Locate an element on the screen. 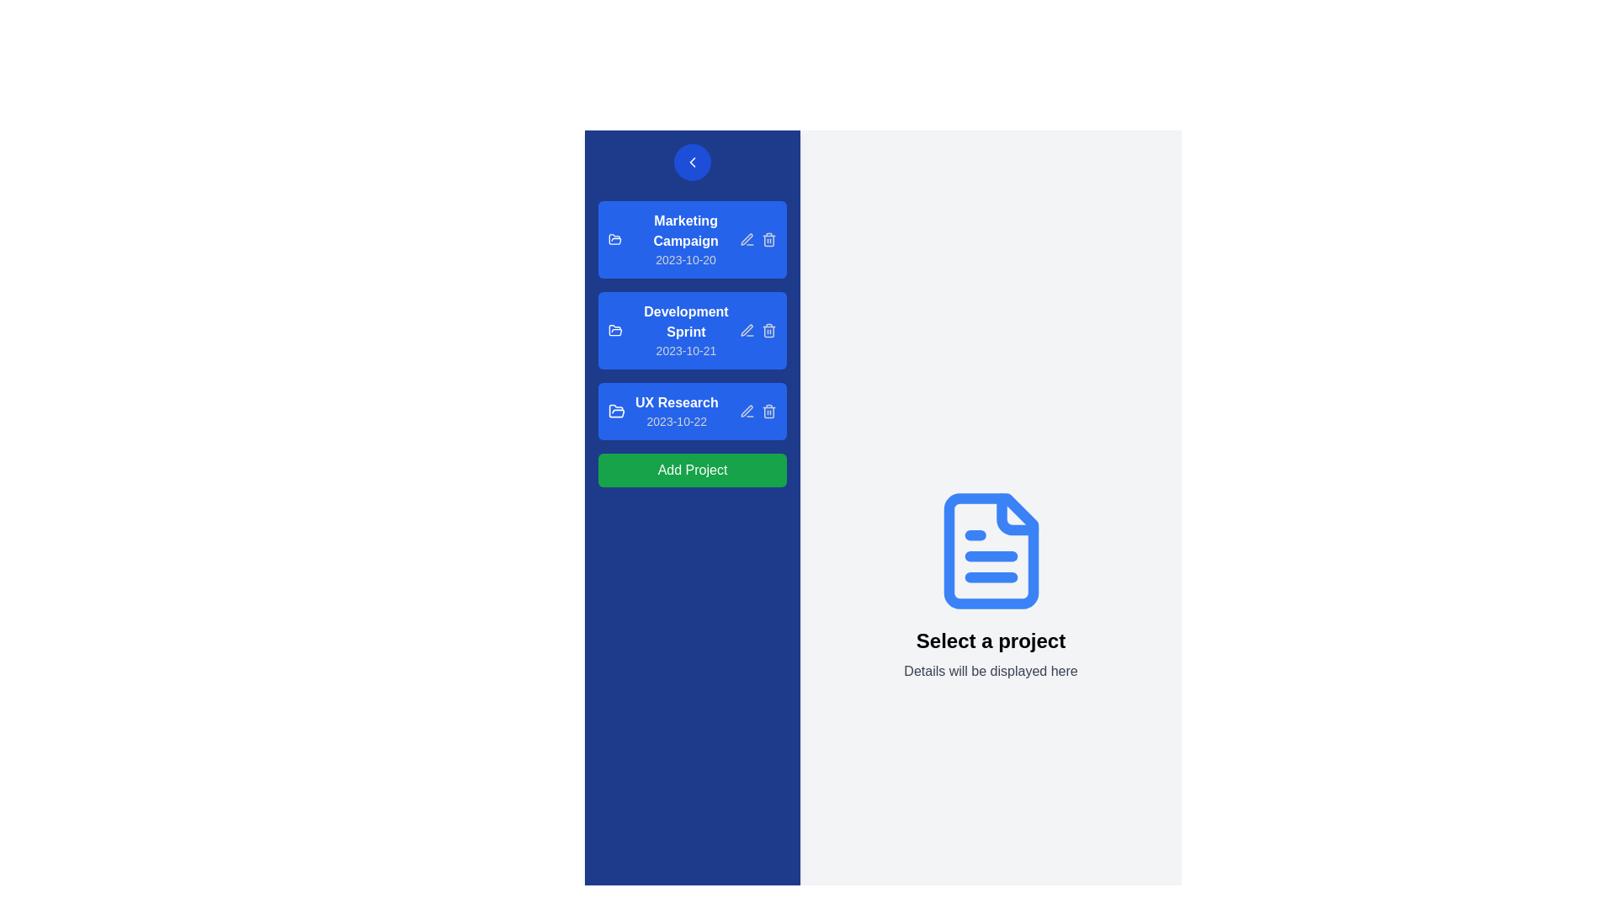 The image size is (1616, 909). the edit action button icon, which resembles a pen or pencil tip, located within the 'UX Research' card on the left section of the interface is located at coordinates (746, 411).